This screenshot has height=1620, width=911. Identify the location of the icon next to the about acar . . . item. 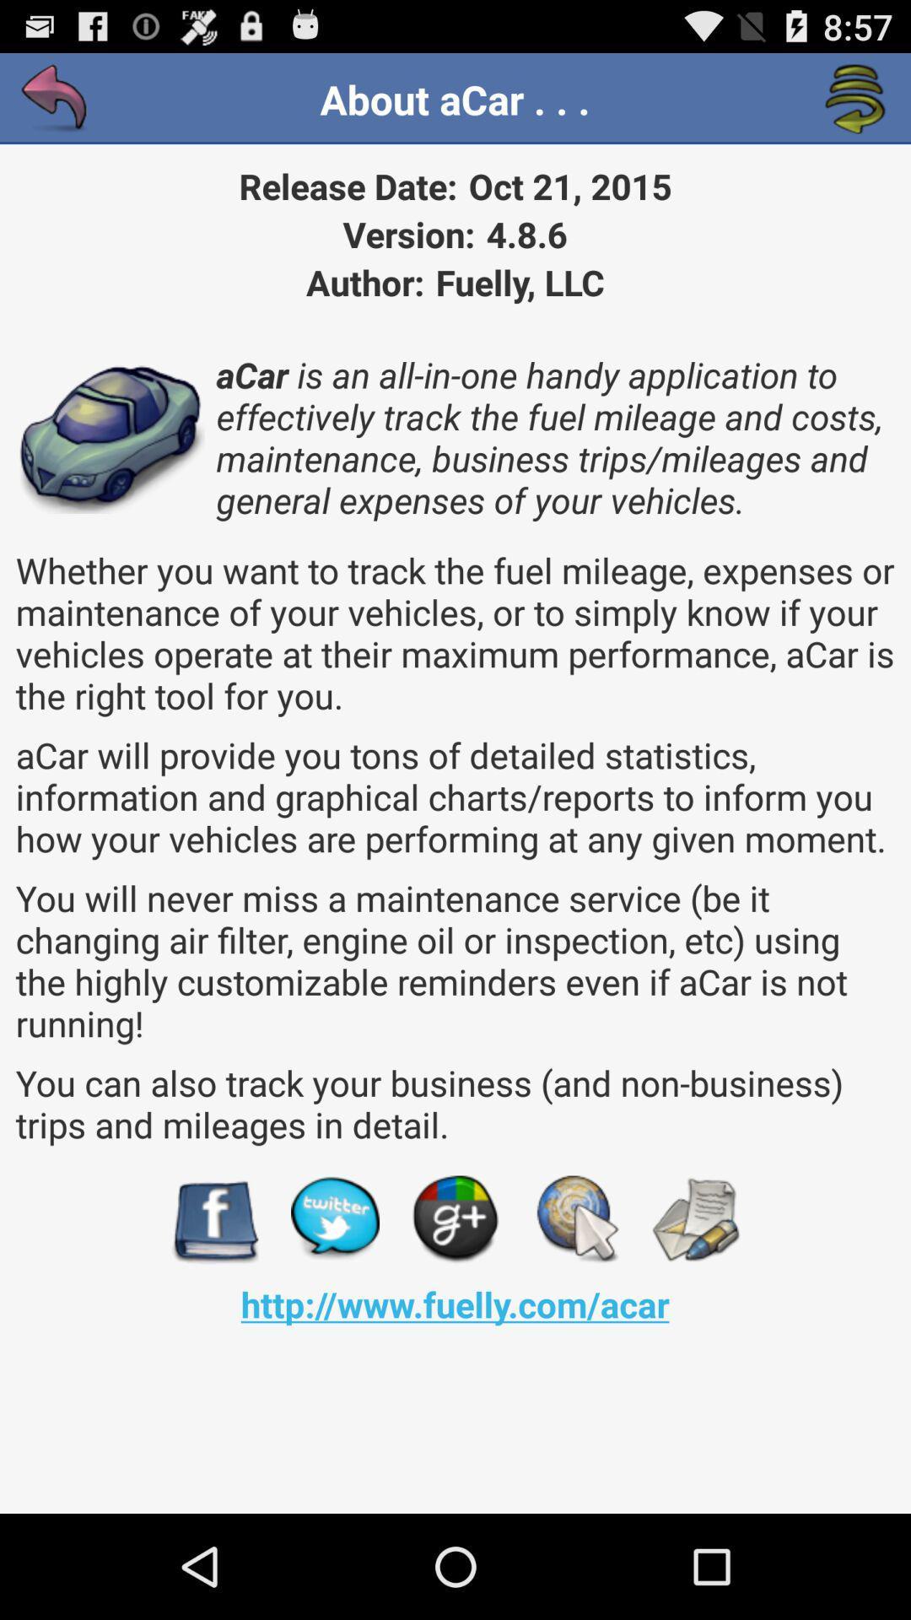
(855, 99).